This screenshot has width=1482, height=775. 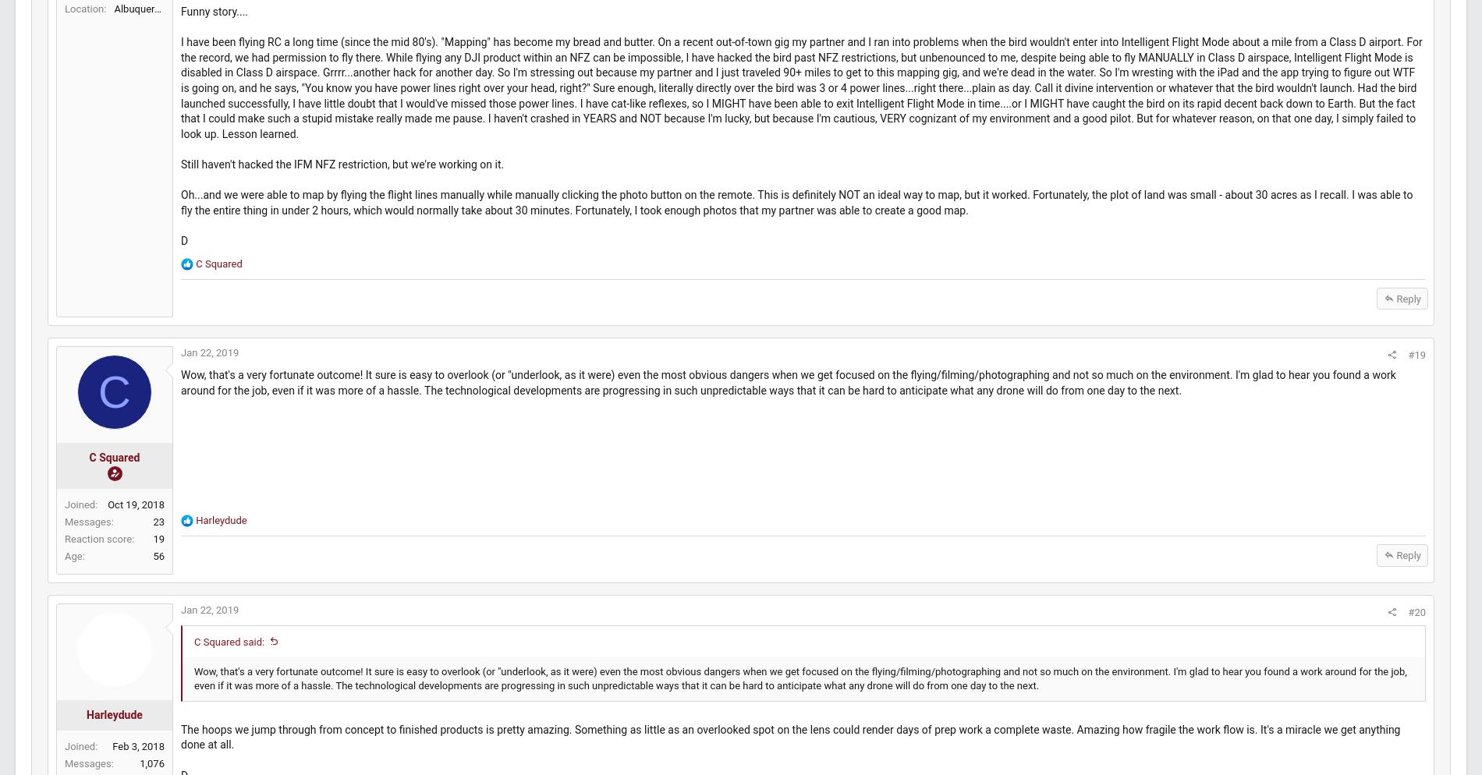 What do you see at coordinates (257, 615) in the screenshot?
I see `'Harleydude'` at bounding box center [257, 615].